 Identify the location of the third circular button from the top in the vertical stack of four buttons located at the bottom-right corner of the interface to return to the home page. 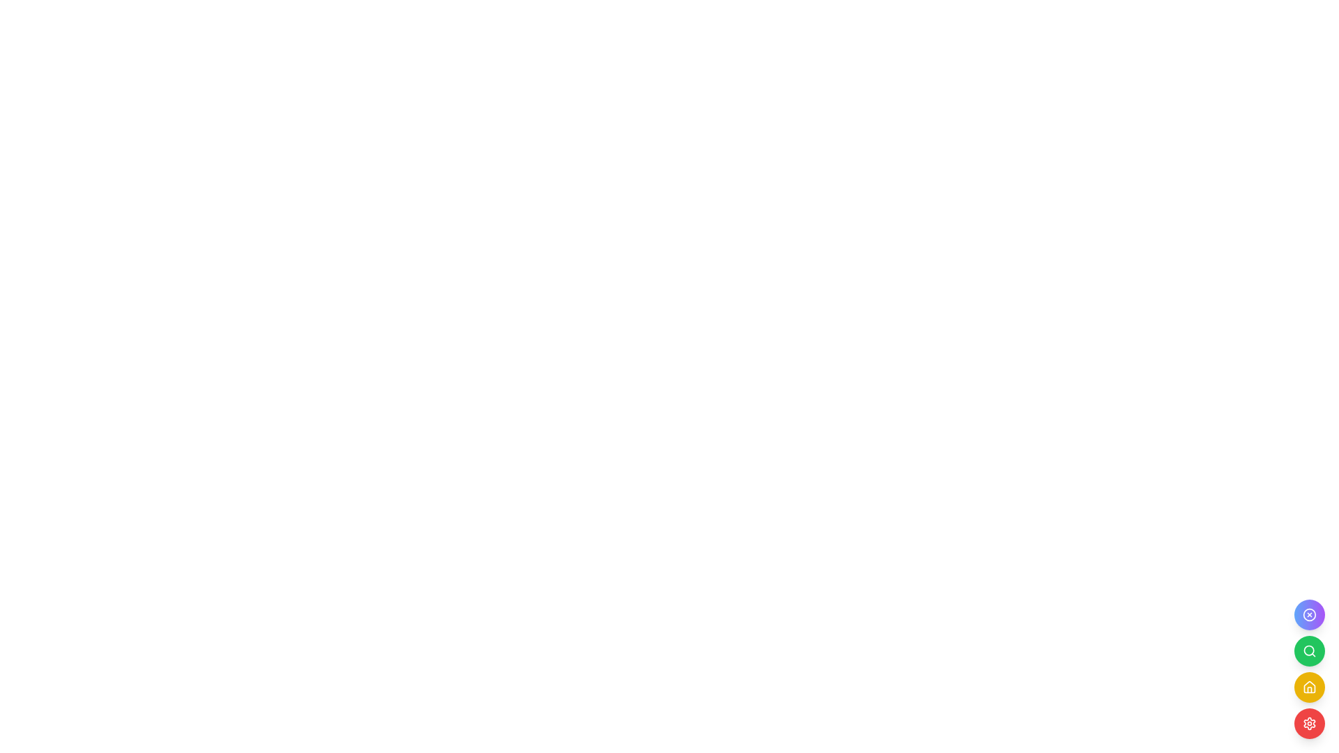
(1308, 687).